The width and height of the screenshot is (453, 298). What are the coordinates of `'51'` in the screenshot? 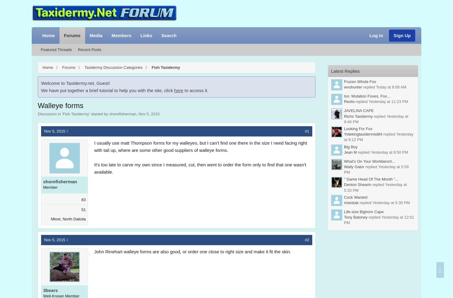 It's located at (83, 209).